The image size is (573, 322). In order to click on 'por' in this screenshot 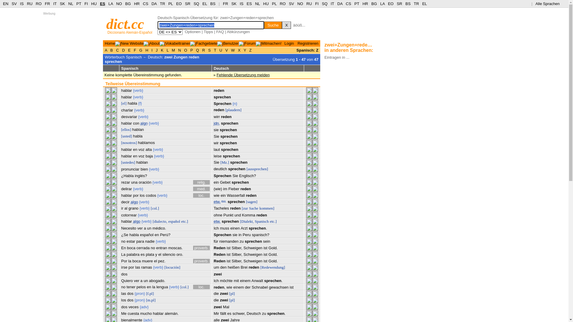, I will do `click(135, 195)`.